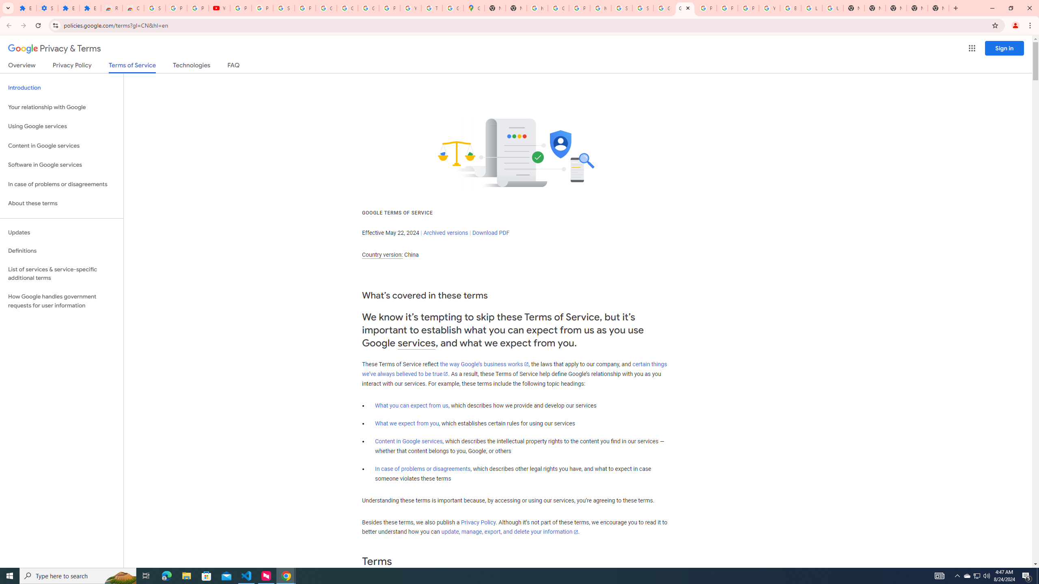 This screenshot has height=584, width=1039. What do you see at coordinates (445, 232) in the screenshot?
I see `'Archived versions'` at bounding box center [445, 232].